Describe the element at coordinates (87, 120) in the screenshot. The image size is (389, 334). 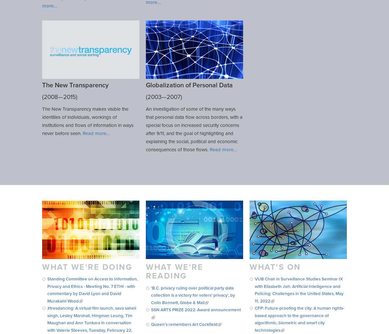
I see `'The New Transparency makes visible the identities of individuals, workings of institutions and flows of information in ways never before seen.'` at that location.